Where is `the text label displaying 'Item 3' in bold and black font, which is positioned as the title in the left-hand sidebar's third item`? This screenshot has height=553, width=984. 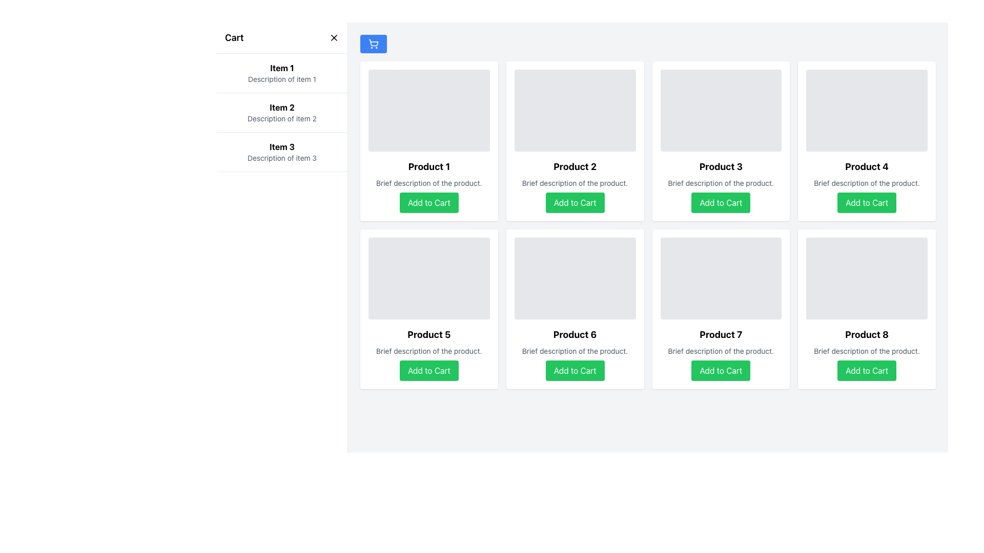 the text label displaying 'Item 3' in bold and black font, which is positioned as the title in the left-hand sidebar's third item is located at coordinates (282, 146).